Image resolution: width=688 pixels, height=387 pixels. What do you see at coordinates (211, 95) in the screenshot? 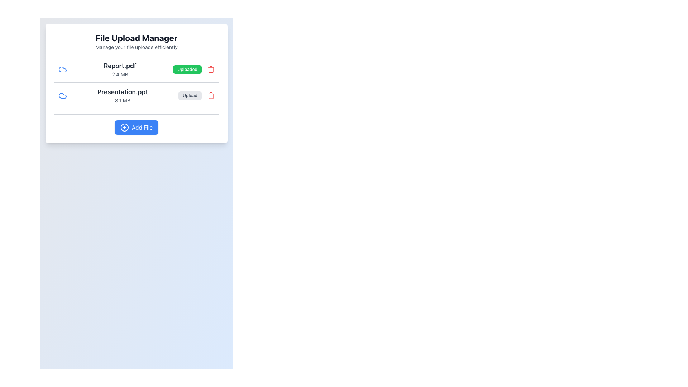
I see `the delete button located to the far right of the 'Presentation.ppt' entry in the 'File Upload Manager' interface` at bounding box center [211, 95].